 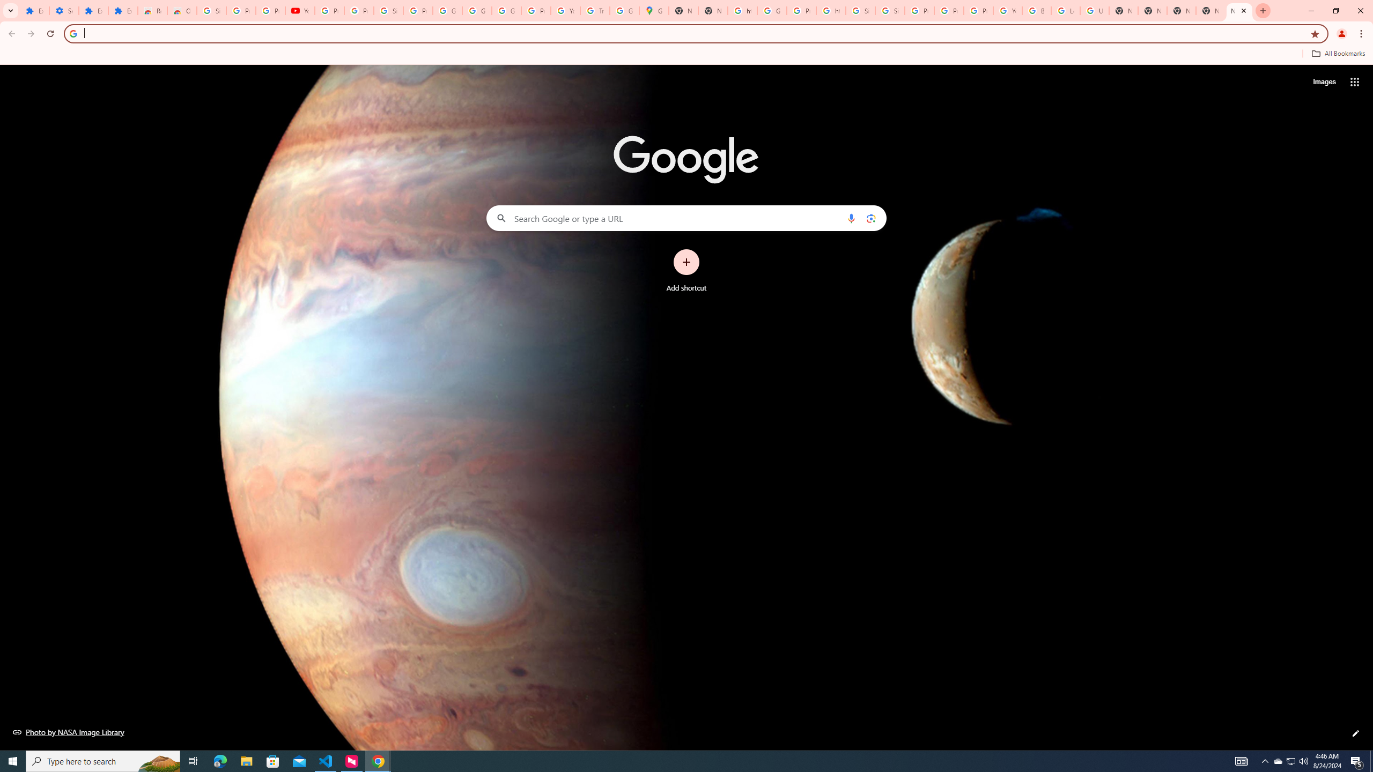 What do you see at coordinates (1036, 10) in the screenshot?
I see `'Browse Chrome as a guest - Computer - Google Chrome Help'` at bounding box center [1036, 10].